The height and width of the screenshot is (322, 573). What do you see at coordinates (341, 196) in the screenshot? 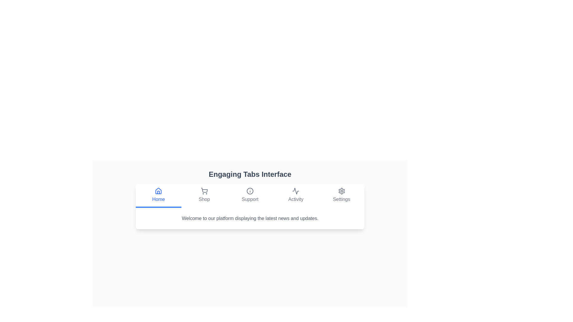
I see `the Interactive tab button, the fifth tab in the navigation bar` at bounding box center [341, 196].